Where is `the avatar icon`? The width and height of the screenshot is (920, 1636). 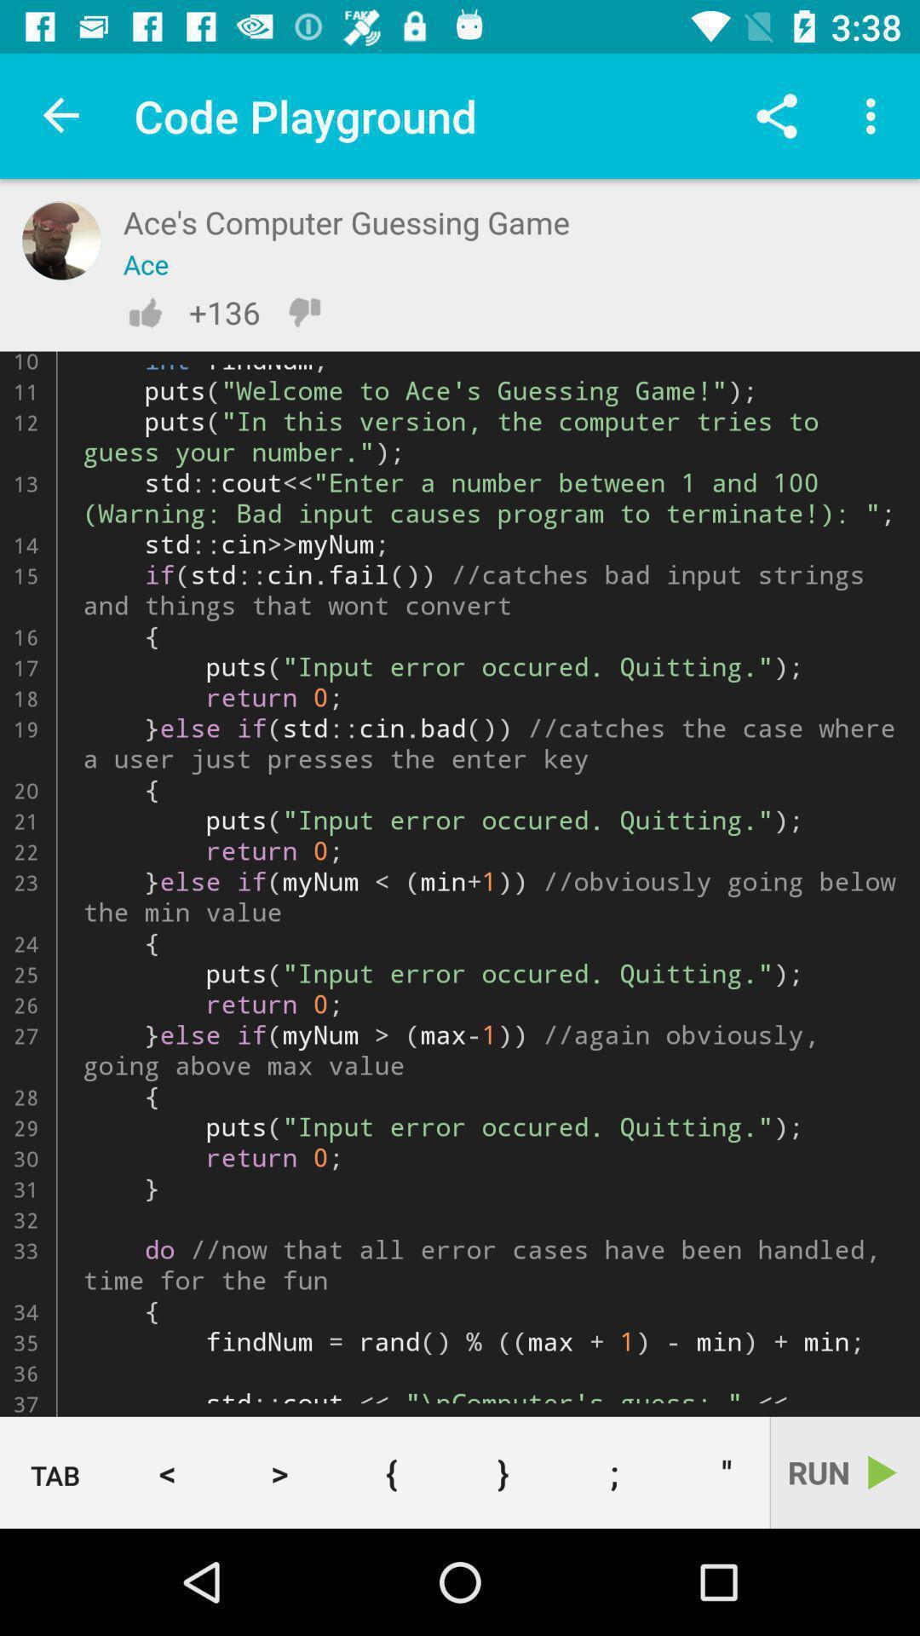
the avatar icon is located at coordinates (60, 239).